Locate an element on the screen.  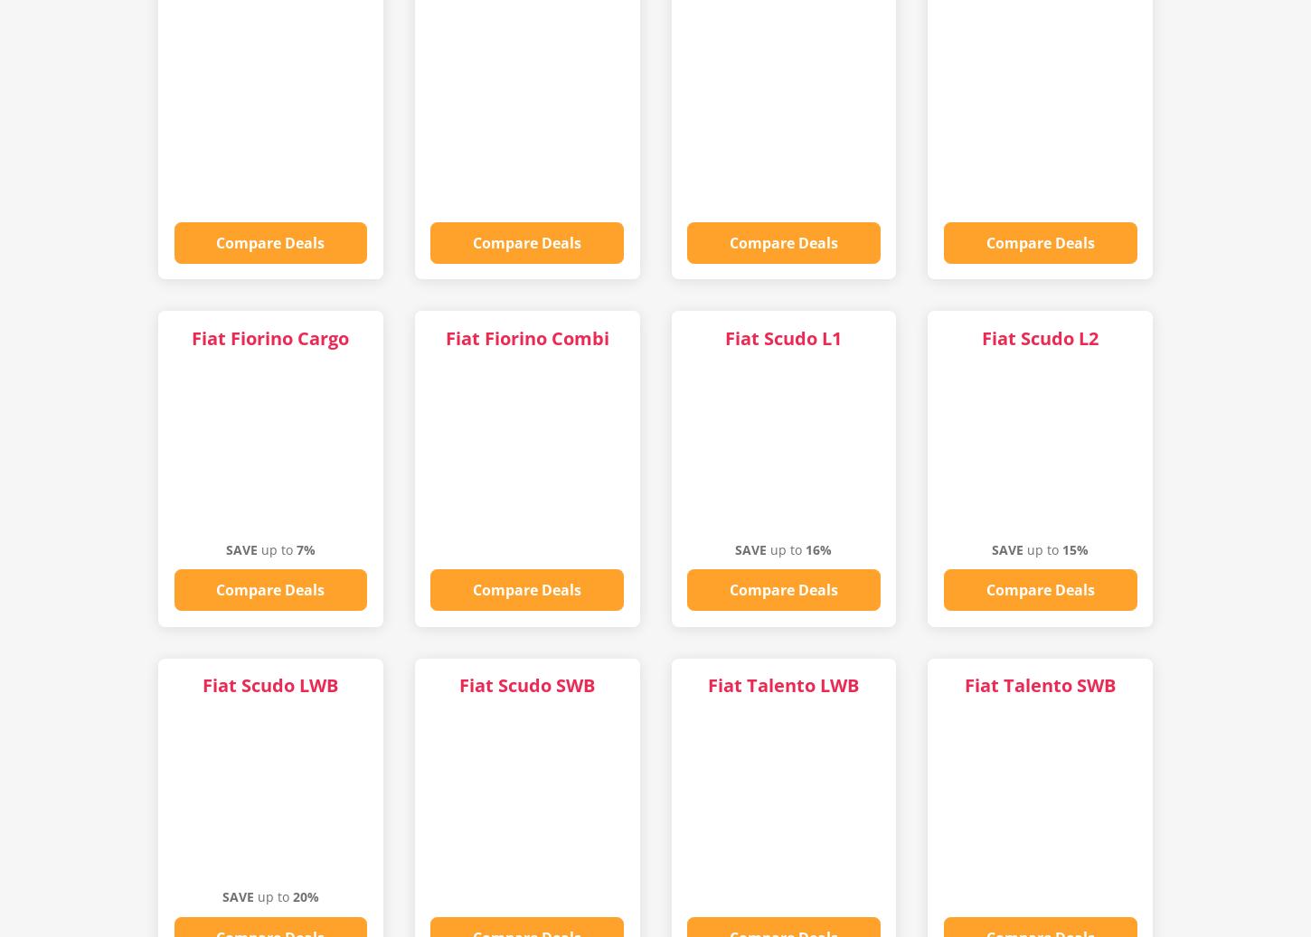
'Fiat Talento LWB' is located at coordinates (782, 685).